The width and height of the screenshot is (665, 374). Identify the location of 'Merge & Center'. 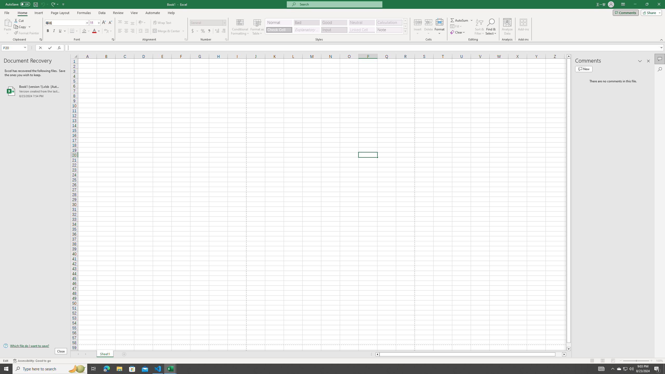
(169, 31).